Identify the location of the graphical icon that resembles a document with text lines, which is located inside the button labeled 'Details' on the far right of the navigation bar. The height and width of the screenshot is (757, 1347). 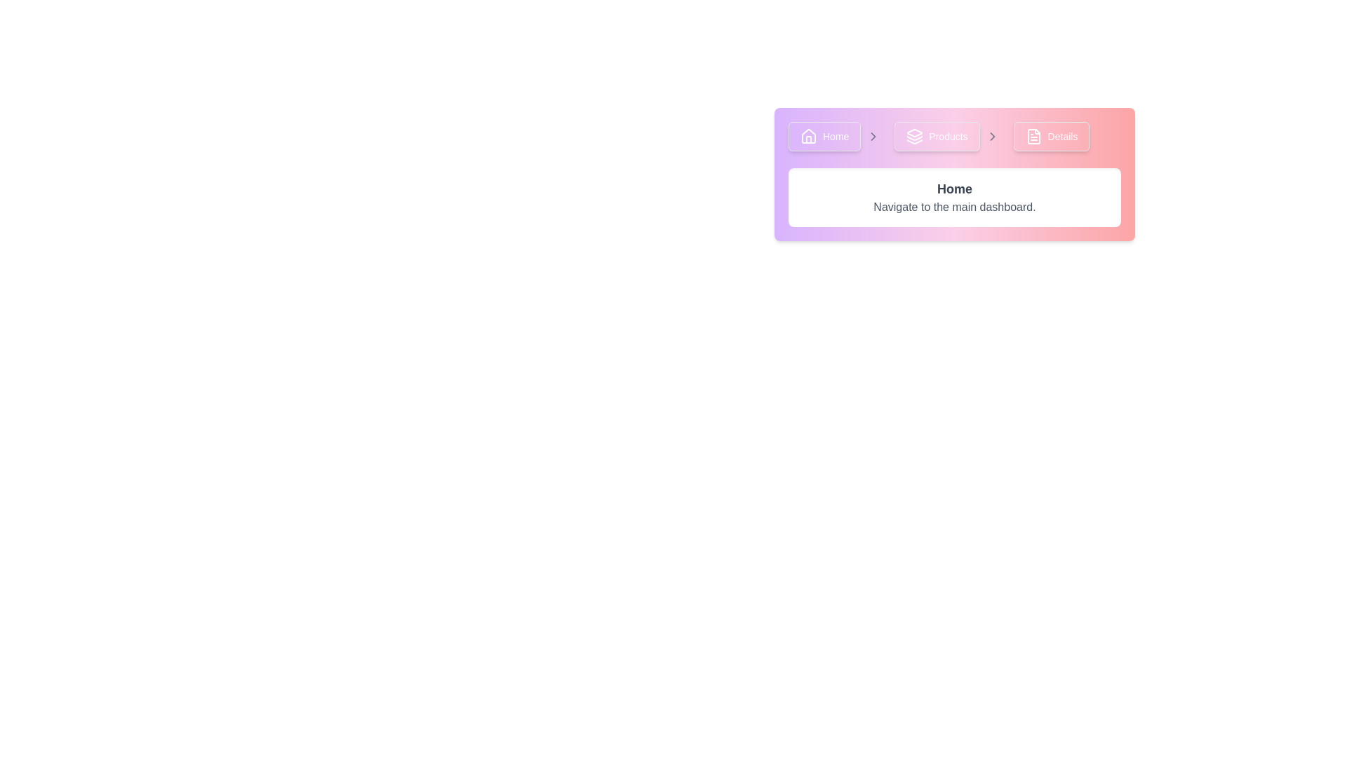
(1033, 137).